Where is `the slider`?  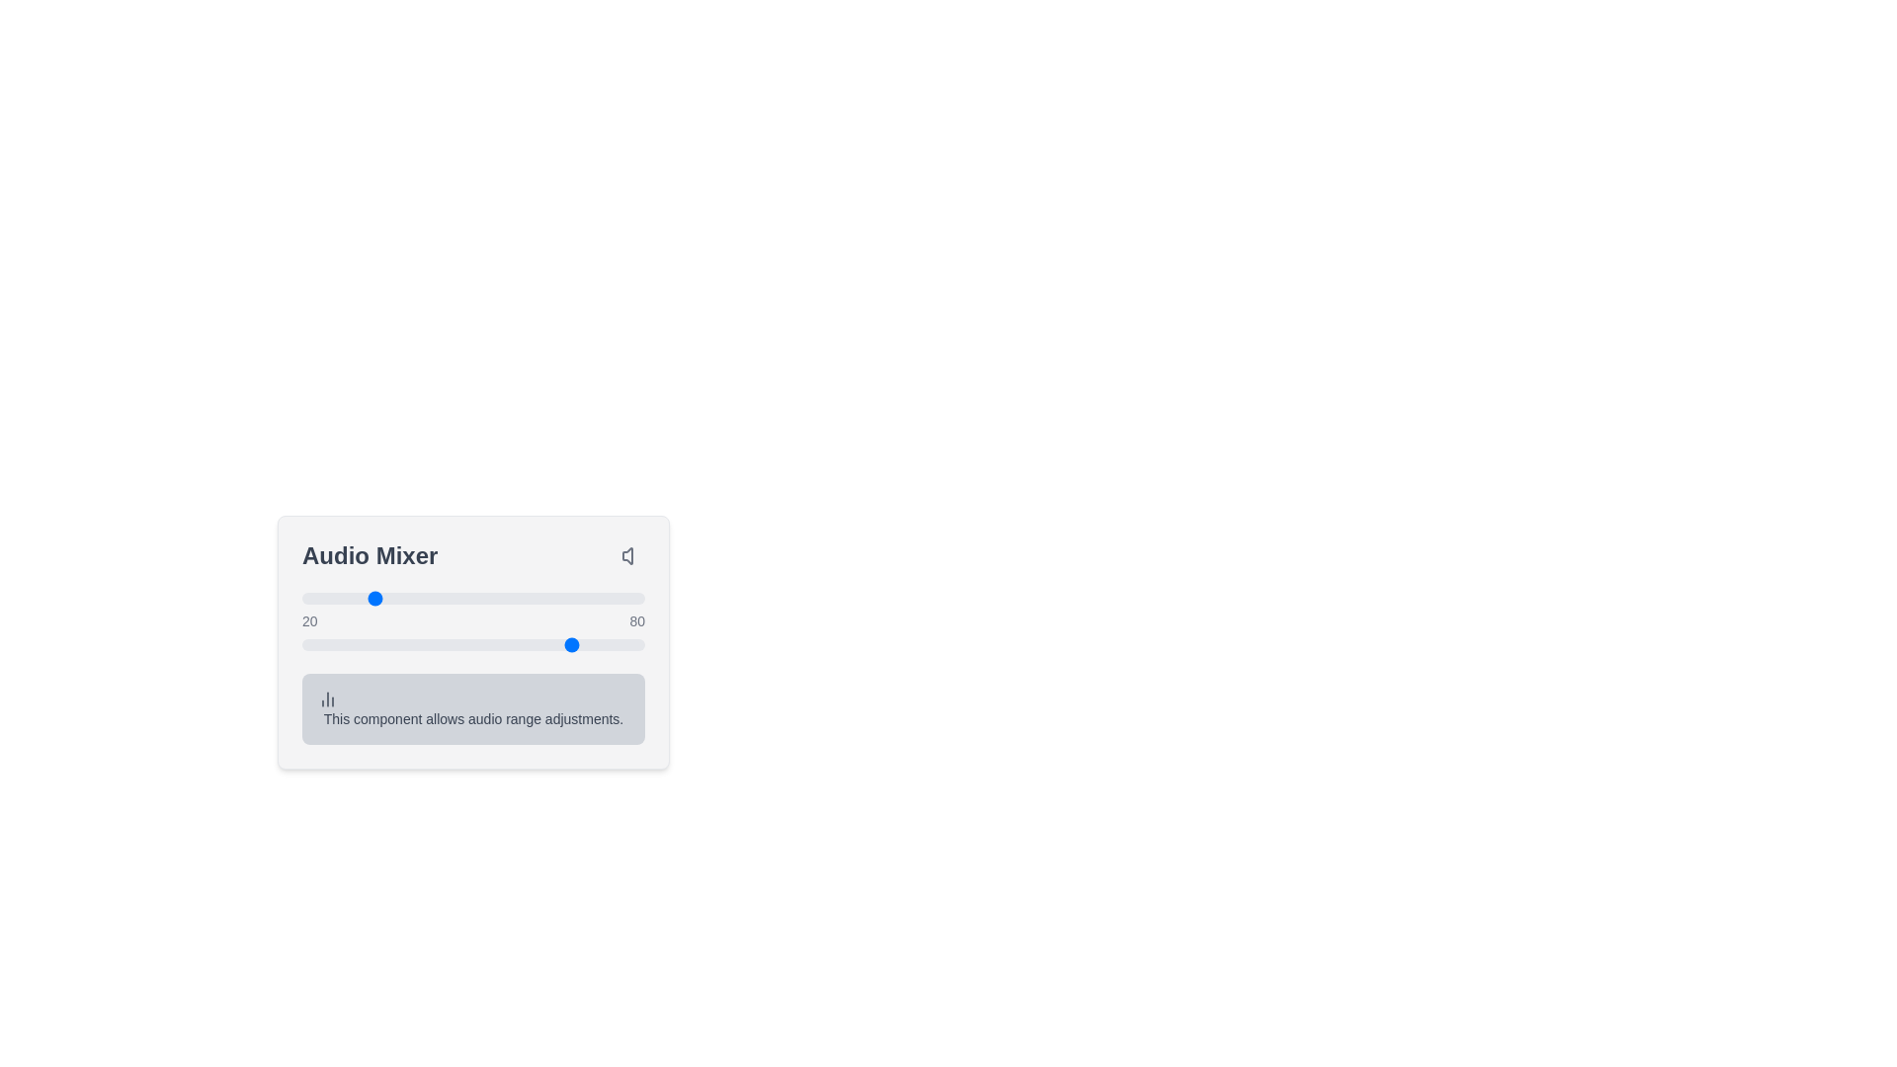 the slider is located at coordinates (525, 597).